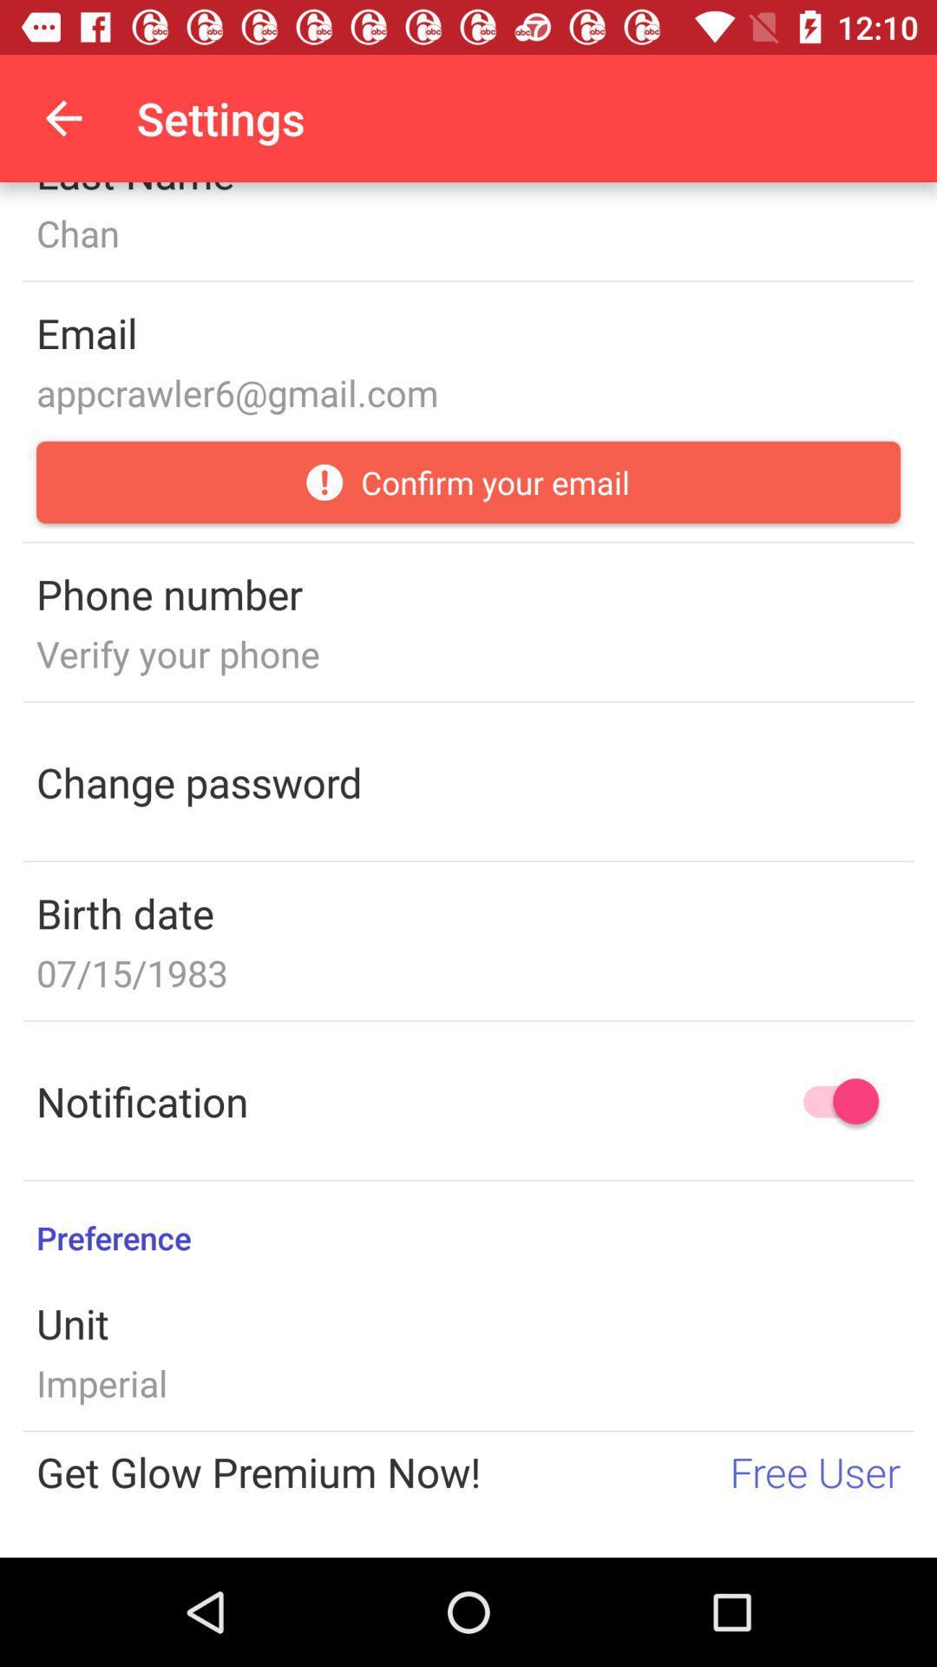 This screenshot has width=937, height=1667. What do you see at coordinates (62, 117) in the screenshot?
I see `icon next to the settings` at bounding box center [62, 117].